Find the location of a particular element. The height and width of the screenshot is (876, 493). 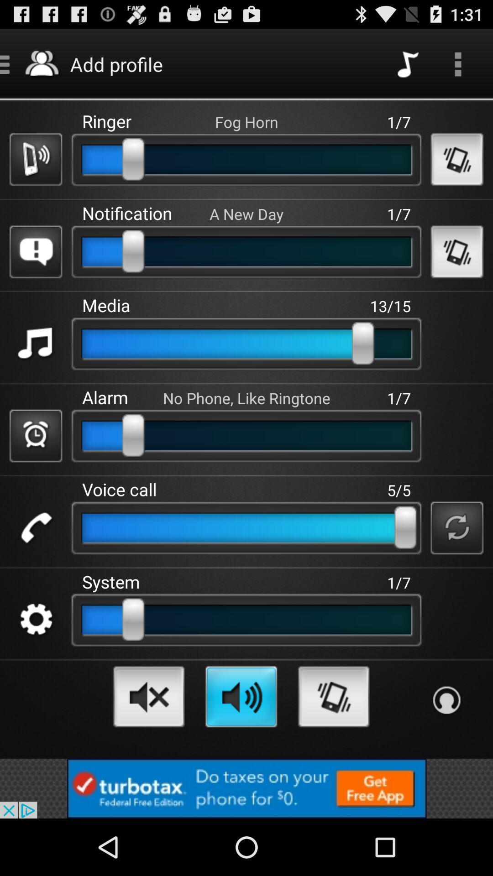

the second vibrate button which is below more option on page is located at coordinates (457, 252).